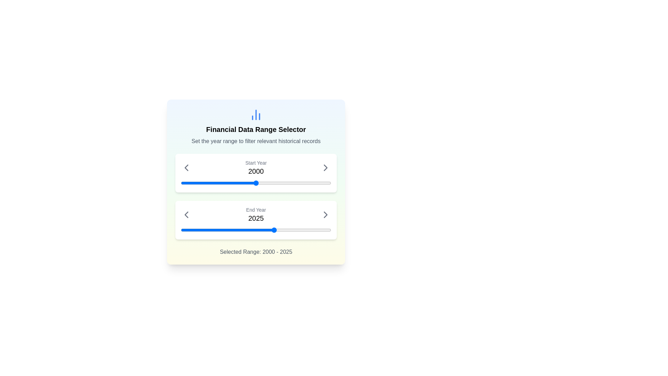 The width and height of the screenshot is (668, 376). I want to click on the right-facing chevron icon button located to the right of the 'End Year 2025' text to increment the year, so click(325, 214).